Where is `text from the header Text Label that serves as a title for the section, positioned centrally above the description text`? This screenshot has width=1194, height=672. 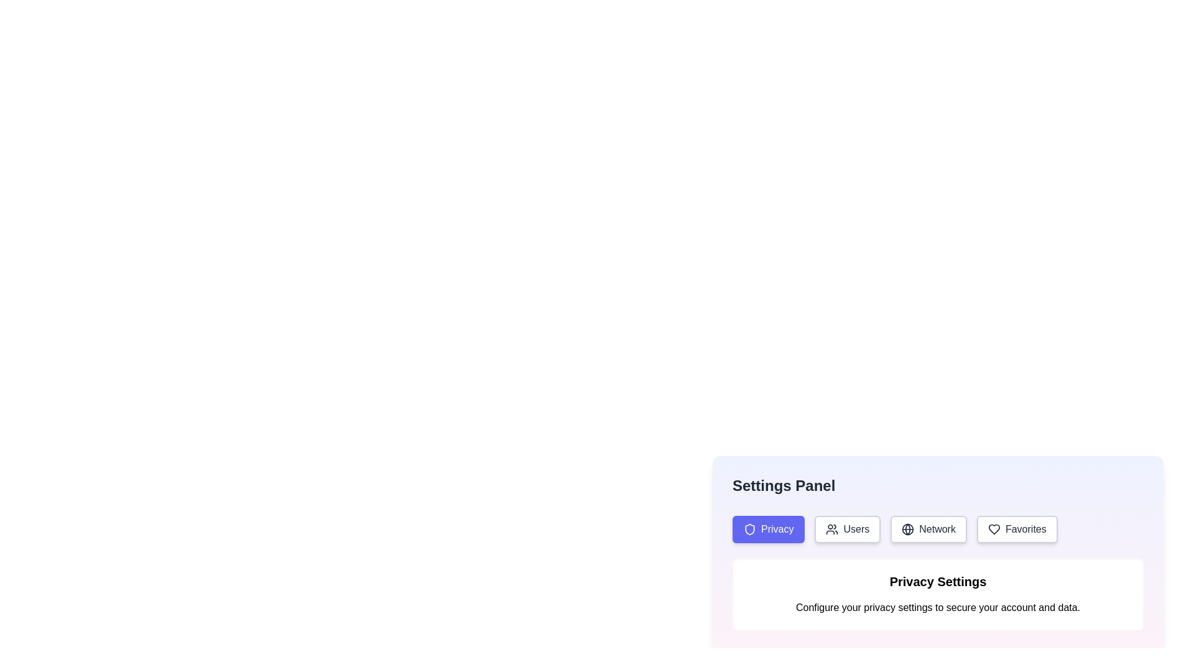 text from the header Text Label that serves as a title for the section, positioned centrally above the description text is located at coordinates (938, 581).